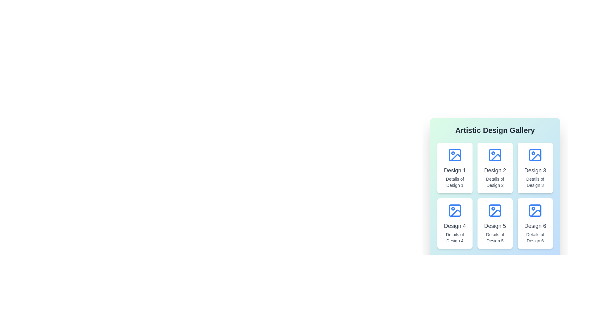 The width and height of the screenshot is (593, 333). Describe the element at coordinates (455, 237) in the screenshot. I see `static text that says 'Details of Design 4', which is part of the card for 'Design 4', located in the second row, first column of a grid layout` at that location.